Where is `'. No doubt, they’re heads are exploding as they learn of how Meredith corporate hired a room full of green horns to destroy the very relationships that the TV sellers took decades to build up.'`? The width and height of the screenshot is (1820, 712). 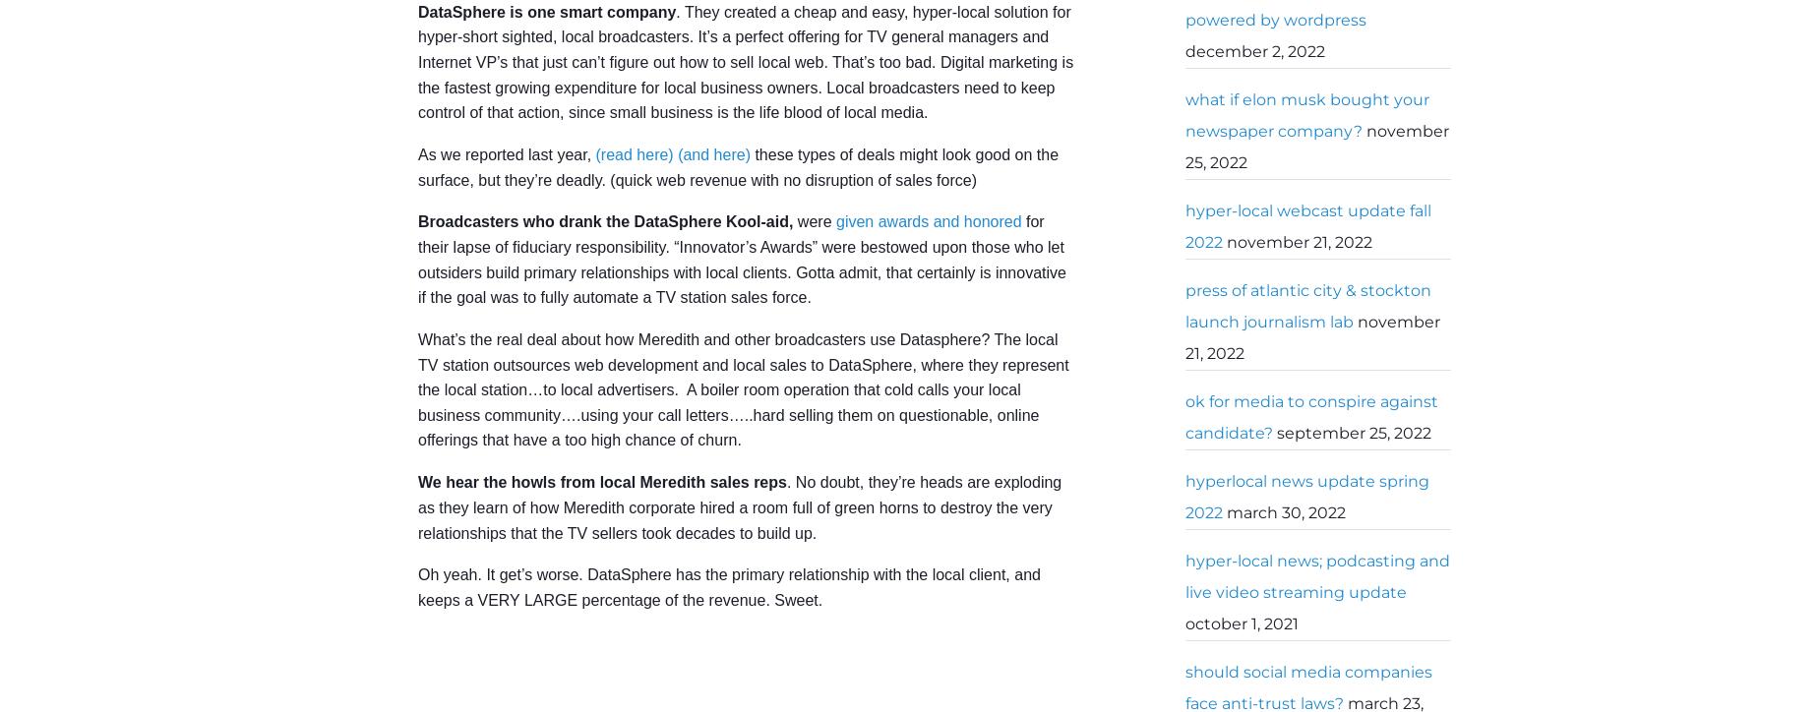
'. No doubt, they’re heads are exploding as they learn of how Meredith corporate hired a room full of green horns to destroy the very relationships that the TV sellers took decades to build up.' is located at coordinates (740, 505).